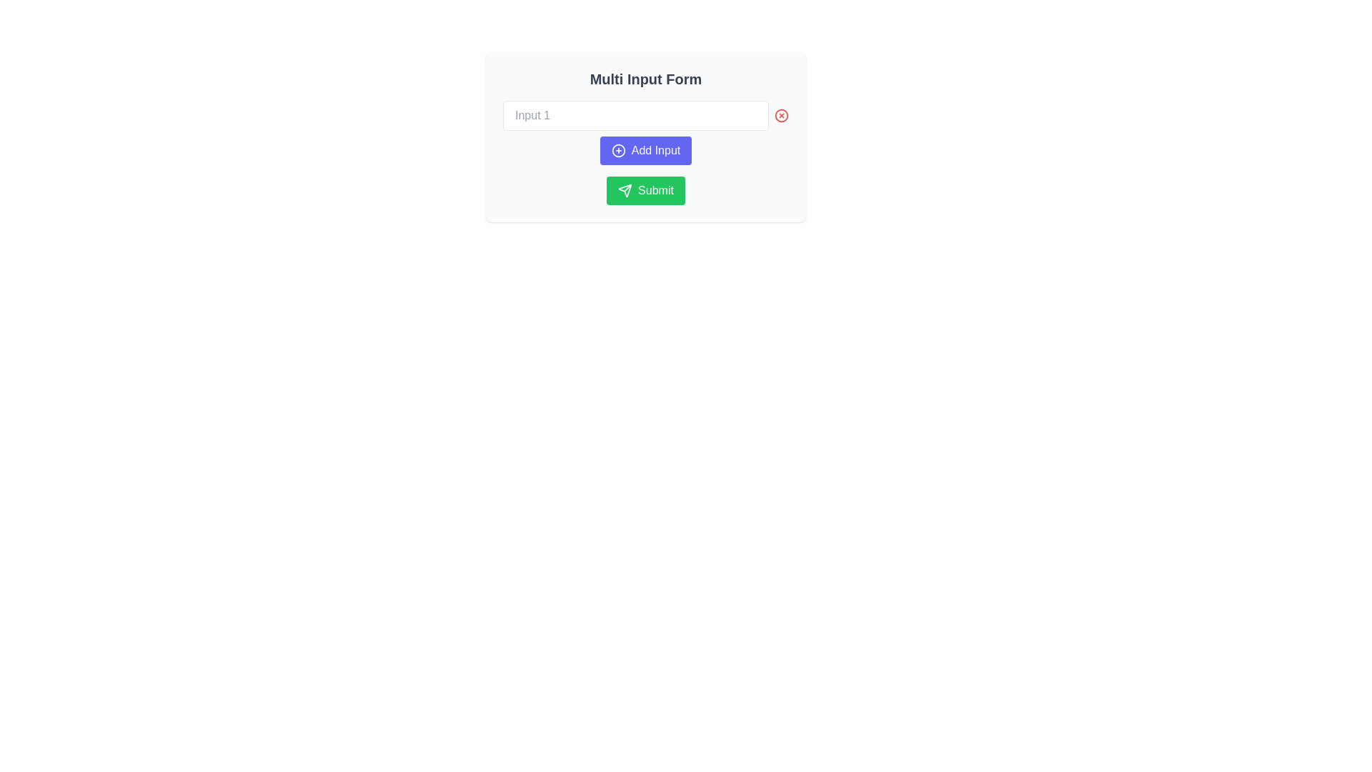 The width and height of the screenshot is (1372, 772). I want to click on the purple circular SVG Circle that is part of the 'Add Input' button, which is located at the top-center of the interface, below the input field, so click(618, 151).